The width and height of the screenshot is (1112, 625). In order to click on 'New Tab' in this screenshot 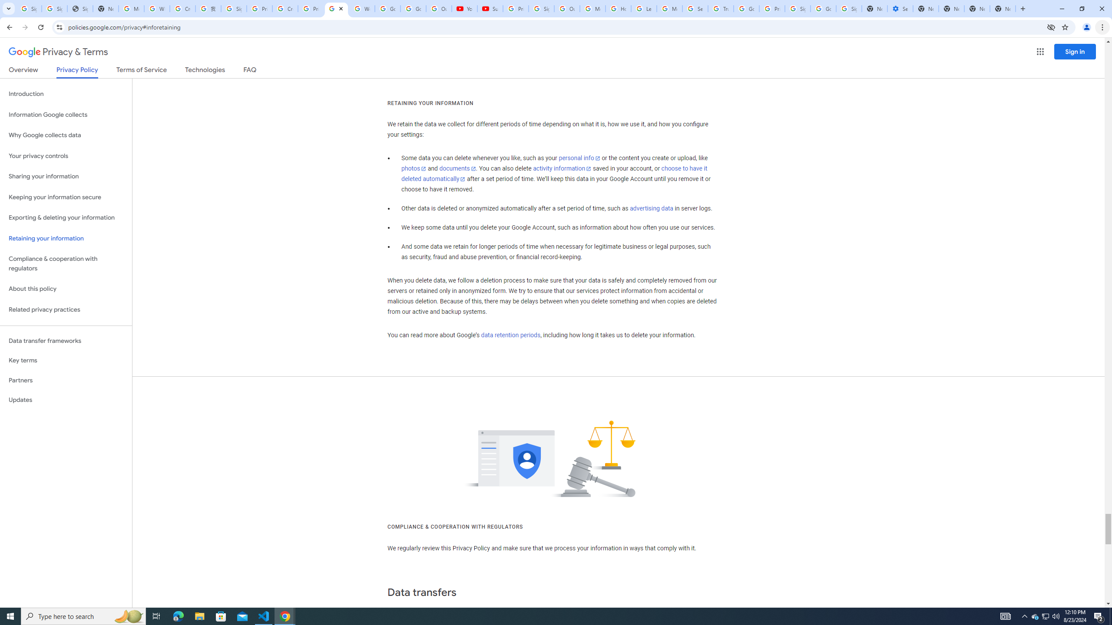, I will do `click(1003, 8)`.